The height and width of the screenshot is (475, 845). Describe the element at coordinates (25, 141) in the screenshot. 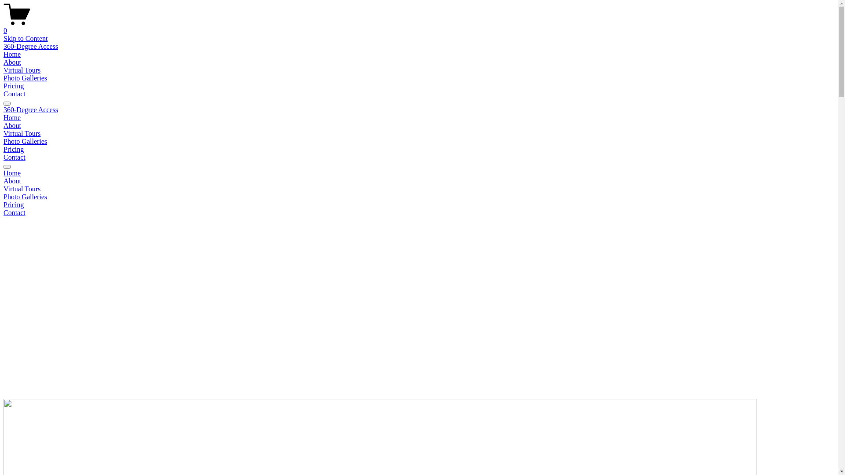

I see `'Photo Galleries'` at that location.